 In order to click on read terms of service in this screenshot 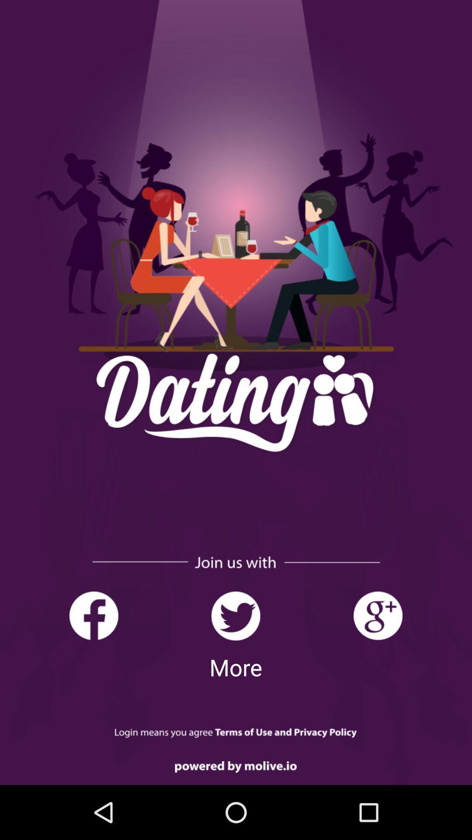, I will do `click(235, 733)`.